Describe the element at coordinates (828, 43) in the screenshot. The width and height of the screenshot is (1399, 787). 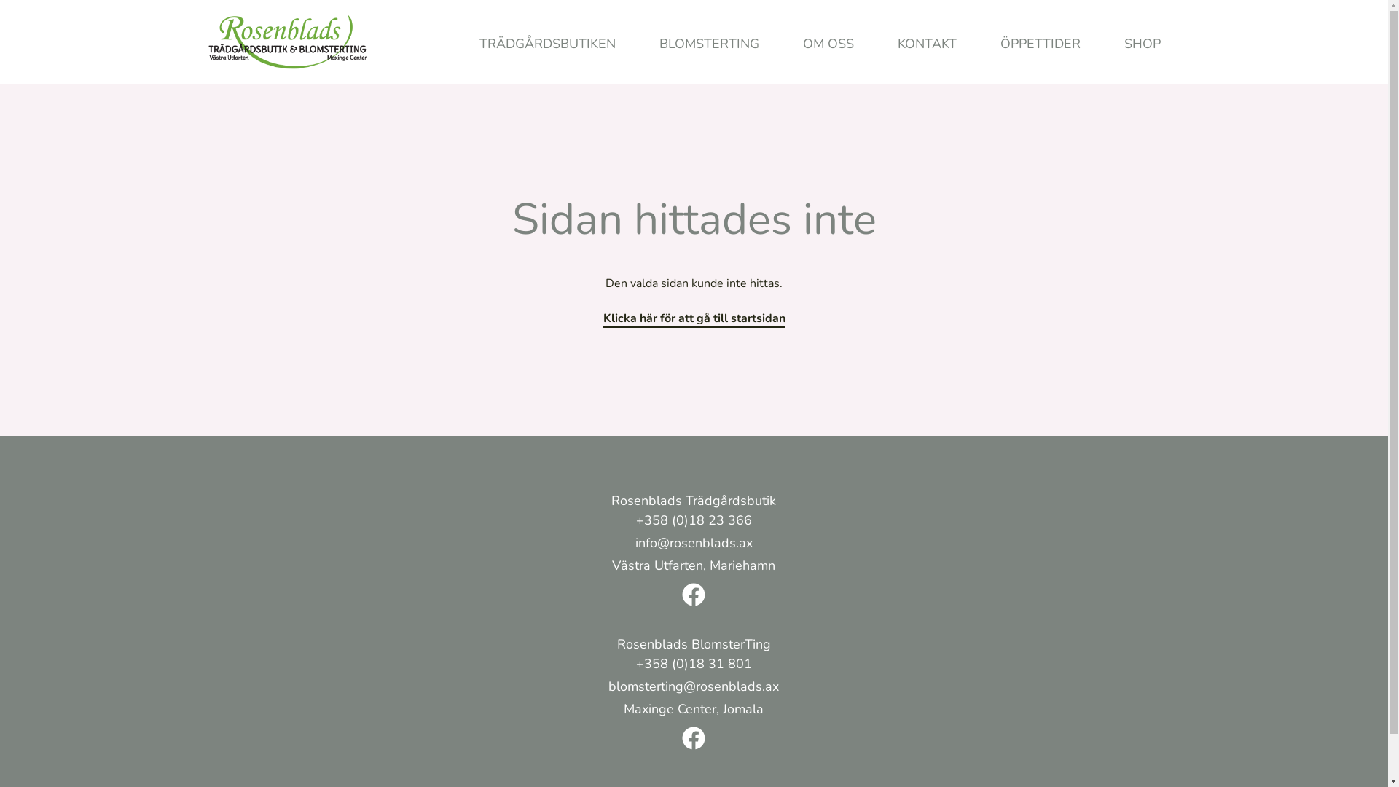
I see `'OM OSS'` at that location.